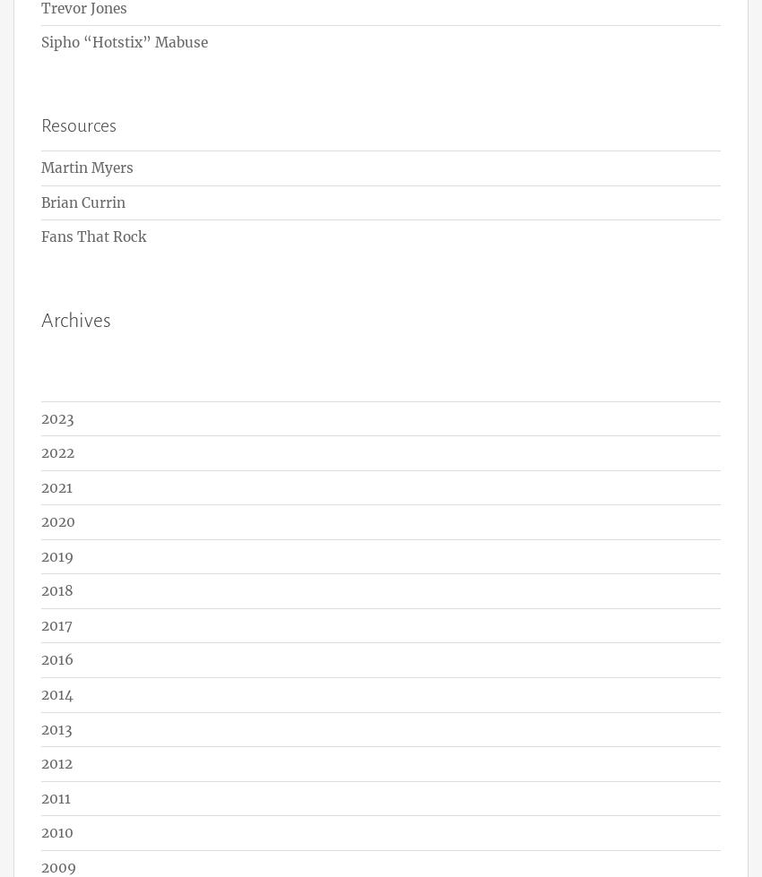 This screenshot has width=762, height=877. Describe the element at coordinates (57, 831) in the screenshot. I see `'2010'` at that location.